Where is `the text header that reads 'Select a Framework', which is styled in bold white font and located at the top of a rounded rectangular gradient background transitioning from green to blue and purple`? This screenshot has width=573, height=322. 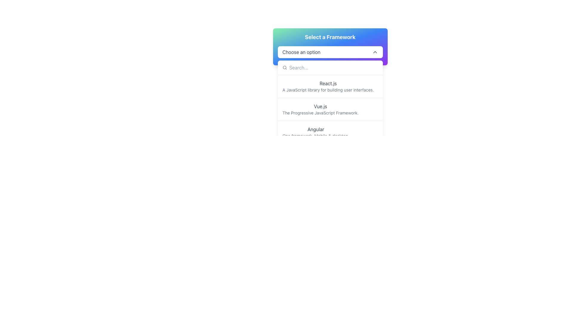 the text header that reads 'Select a Framework', which is styled in bold white font and located at the top of a rounded rectangular gradient background transitioning from green to blue and purple is located at coordinates (330, 37).